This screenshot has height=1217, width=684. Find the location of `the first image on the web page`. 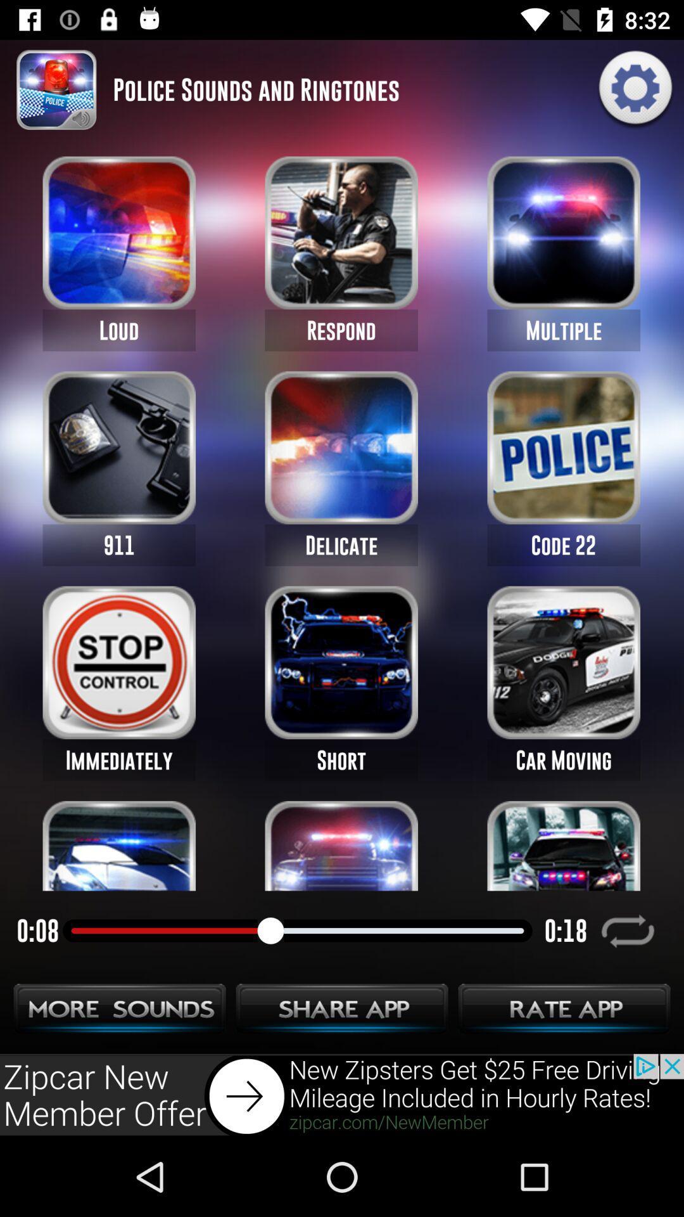

the first image on the web page is located at coordinates (119, 233).